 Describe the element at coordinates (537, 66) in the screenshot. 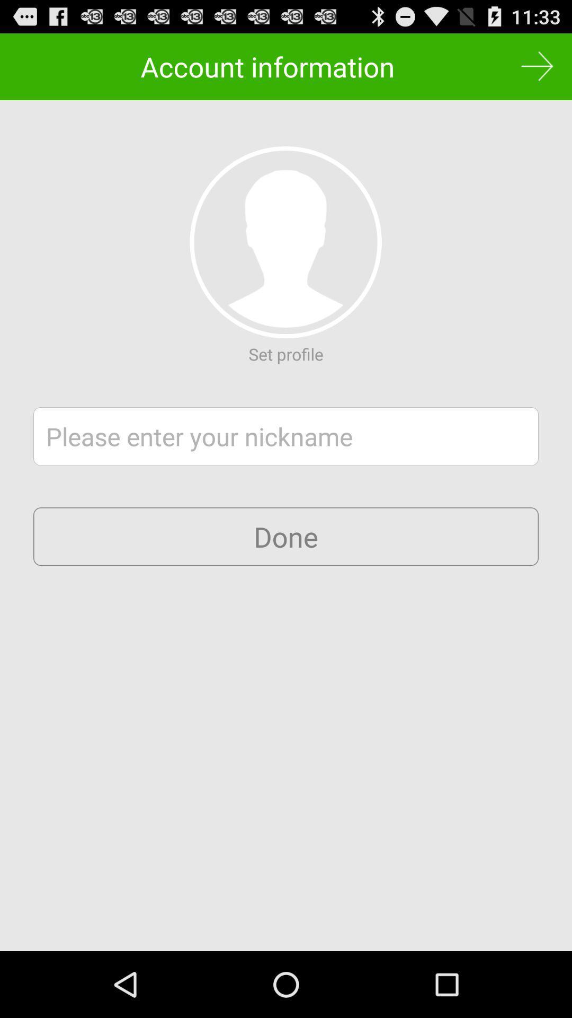

I see `item to the right of the account information icon` at that location.